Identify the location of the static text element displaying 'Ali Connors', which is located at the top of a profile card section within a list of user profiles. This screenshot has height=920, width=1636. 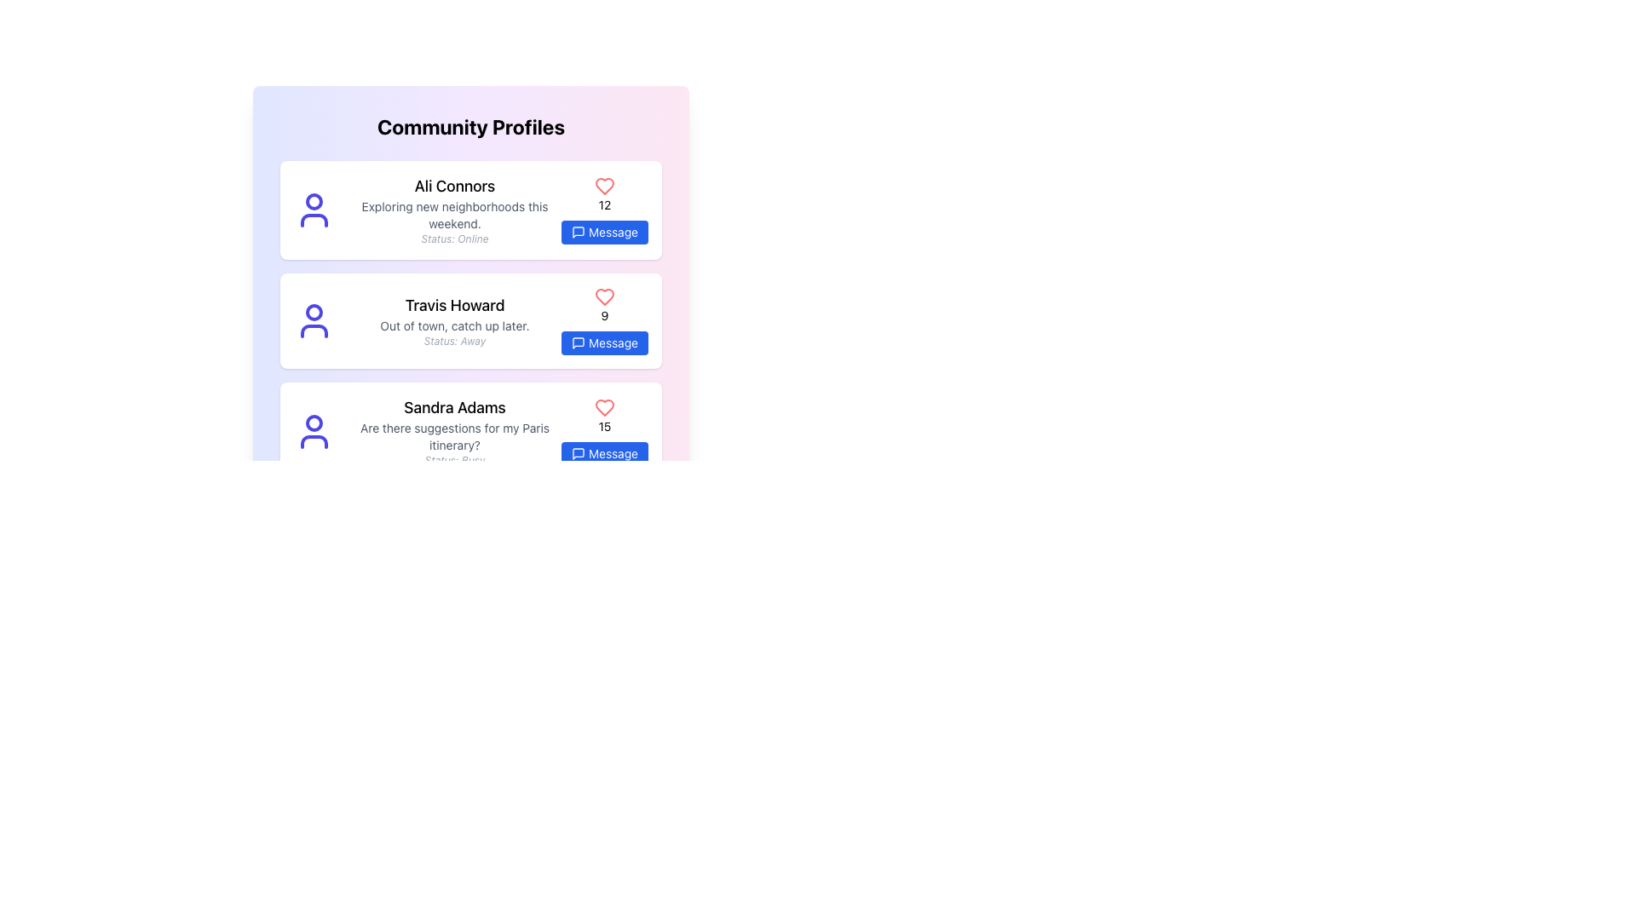
(454, 187).